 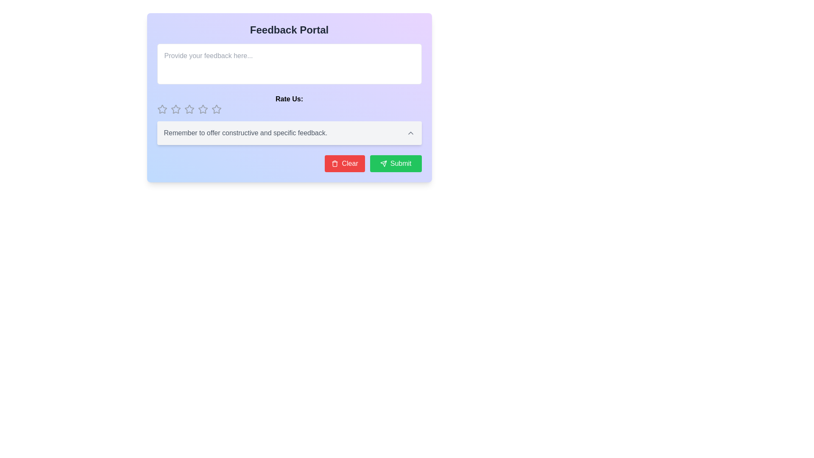 I want to click on the triangular arrow shape send button, which is part of the Submit button, so click(x=383, y=163).